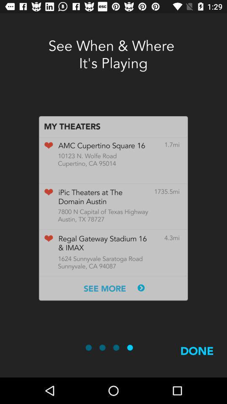 This screenshot has width=227, height=404. Describe the element at coordinates (113, 208) in the screenshot. I see `playing list` at that location.